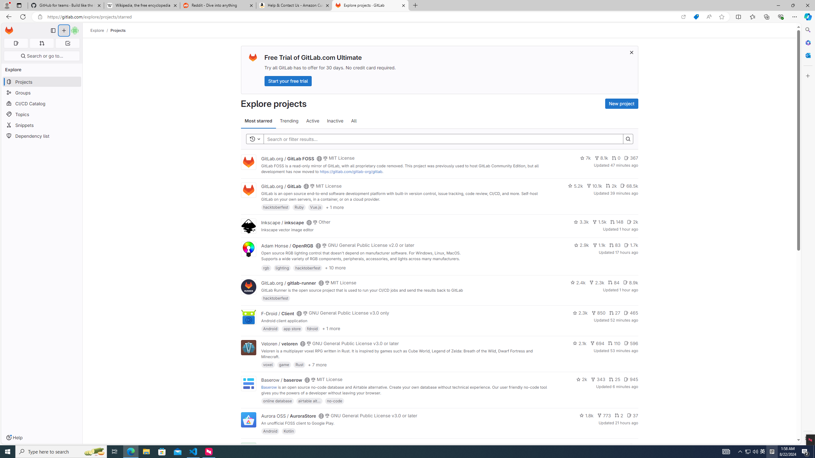 The width and height of the screenshot is (815, 458). What do you see at coordinates (118, 30) in the screenshot?
I see `'Projects'` at bounding box center [118, 30].